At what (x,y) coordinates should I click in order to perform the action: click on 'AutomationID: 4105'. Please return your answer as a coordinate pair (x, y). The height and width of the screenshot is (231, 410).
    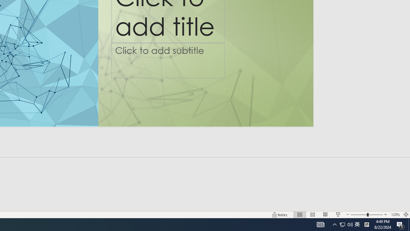
    Looking at the image, I should click on (320, 224).